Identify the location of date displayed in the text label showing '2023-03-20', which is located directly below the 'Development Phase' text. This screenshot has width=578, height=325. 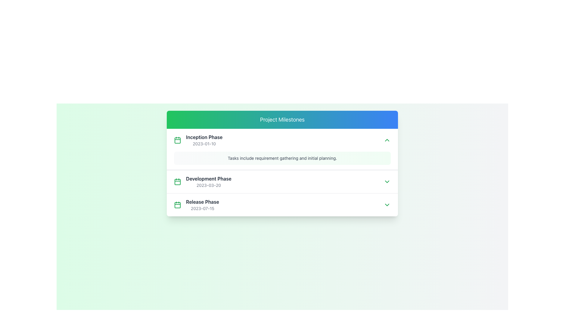
(209, 185).